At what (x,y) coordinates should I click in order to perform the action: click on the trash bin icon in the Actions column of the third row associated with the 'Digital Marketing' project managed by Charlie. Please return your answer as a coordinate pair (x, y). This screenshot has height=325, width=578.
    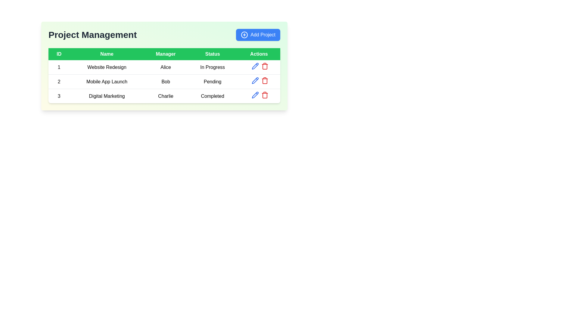
    Looking at the image, I should click on (265, 95).